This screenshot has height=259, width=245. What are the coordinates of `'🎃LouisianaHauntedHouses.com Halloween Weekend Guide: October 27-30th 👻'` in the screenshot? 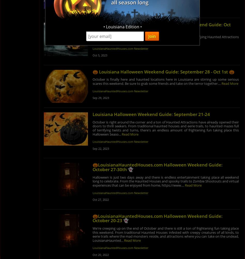 It's located at (157, 167).